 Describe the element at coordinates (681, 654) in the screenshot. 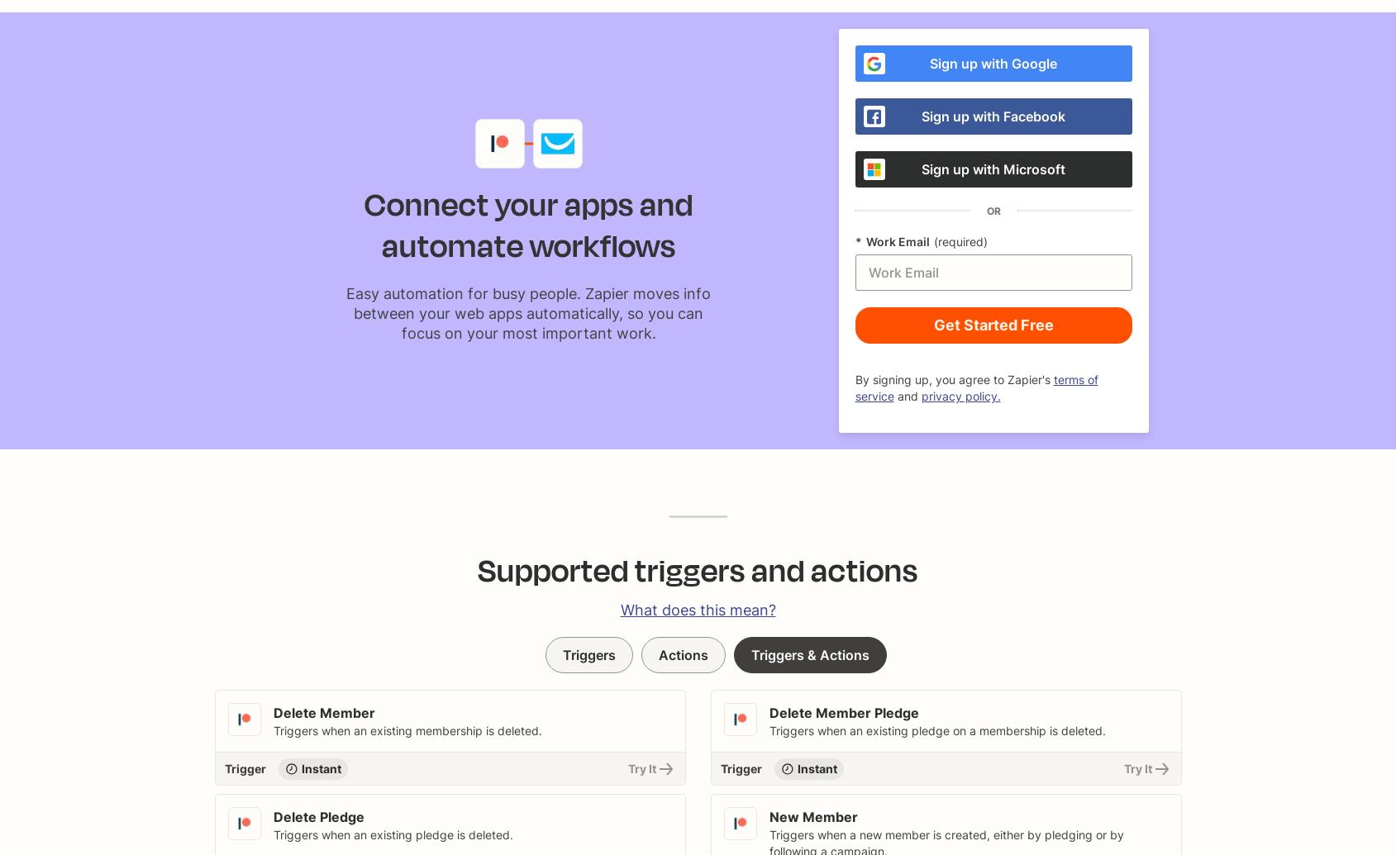

I see `'Actions'` at that location.